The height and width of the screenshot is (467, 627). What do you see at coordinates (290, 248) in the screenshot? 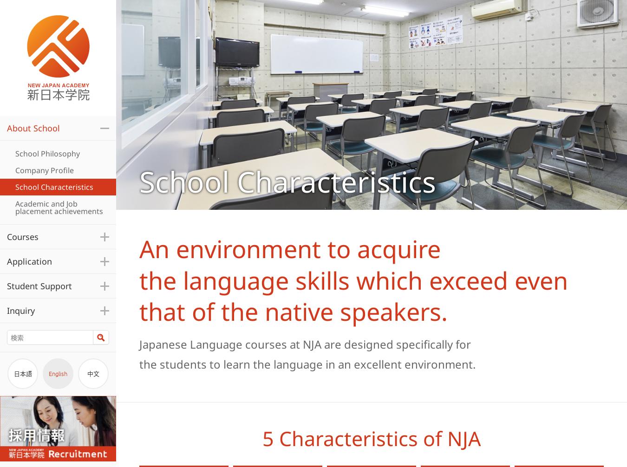
I see `'An environment to acquire'` at bounding box center [290, 248].